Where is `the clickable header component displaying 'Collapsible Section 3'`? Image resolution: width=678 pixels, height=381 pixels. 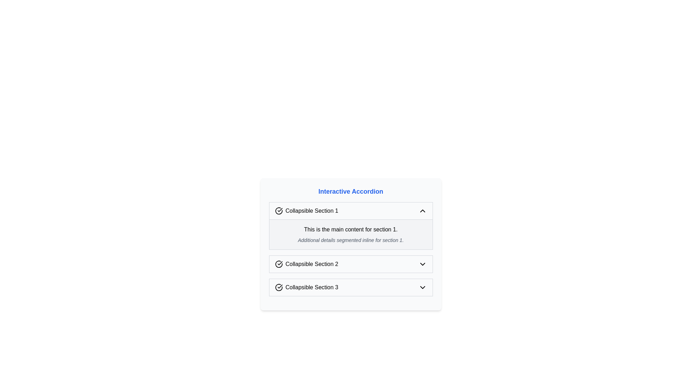 the clickable header component displaying 'Collapsible Section 3' is located at coordinates (307, 287).